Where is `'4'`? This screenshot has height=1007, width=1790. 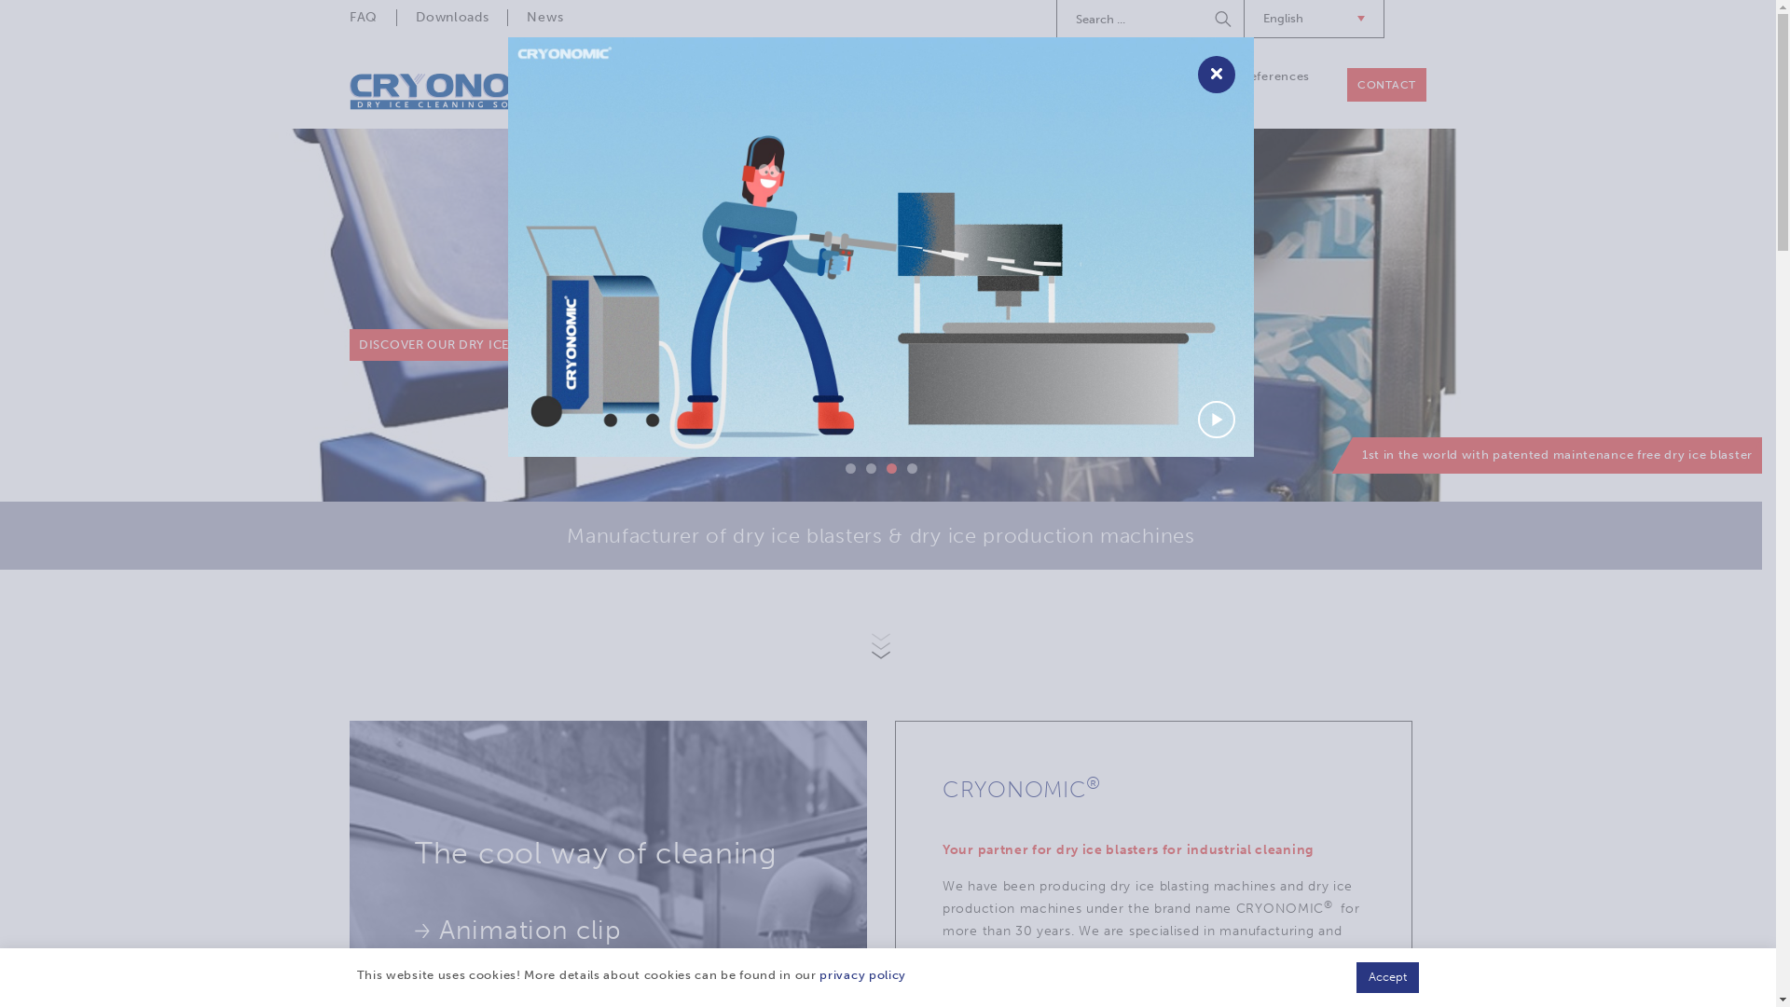 '4' is located at coordinates (905, 467).